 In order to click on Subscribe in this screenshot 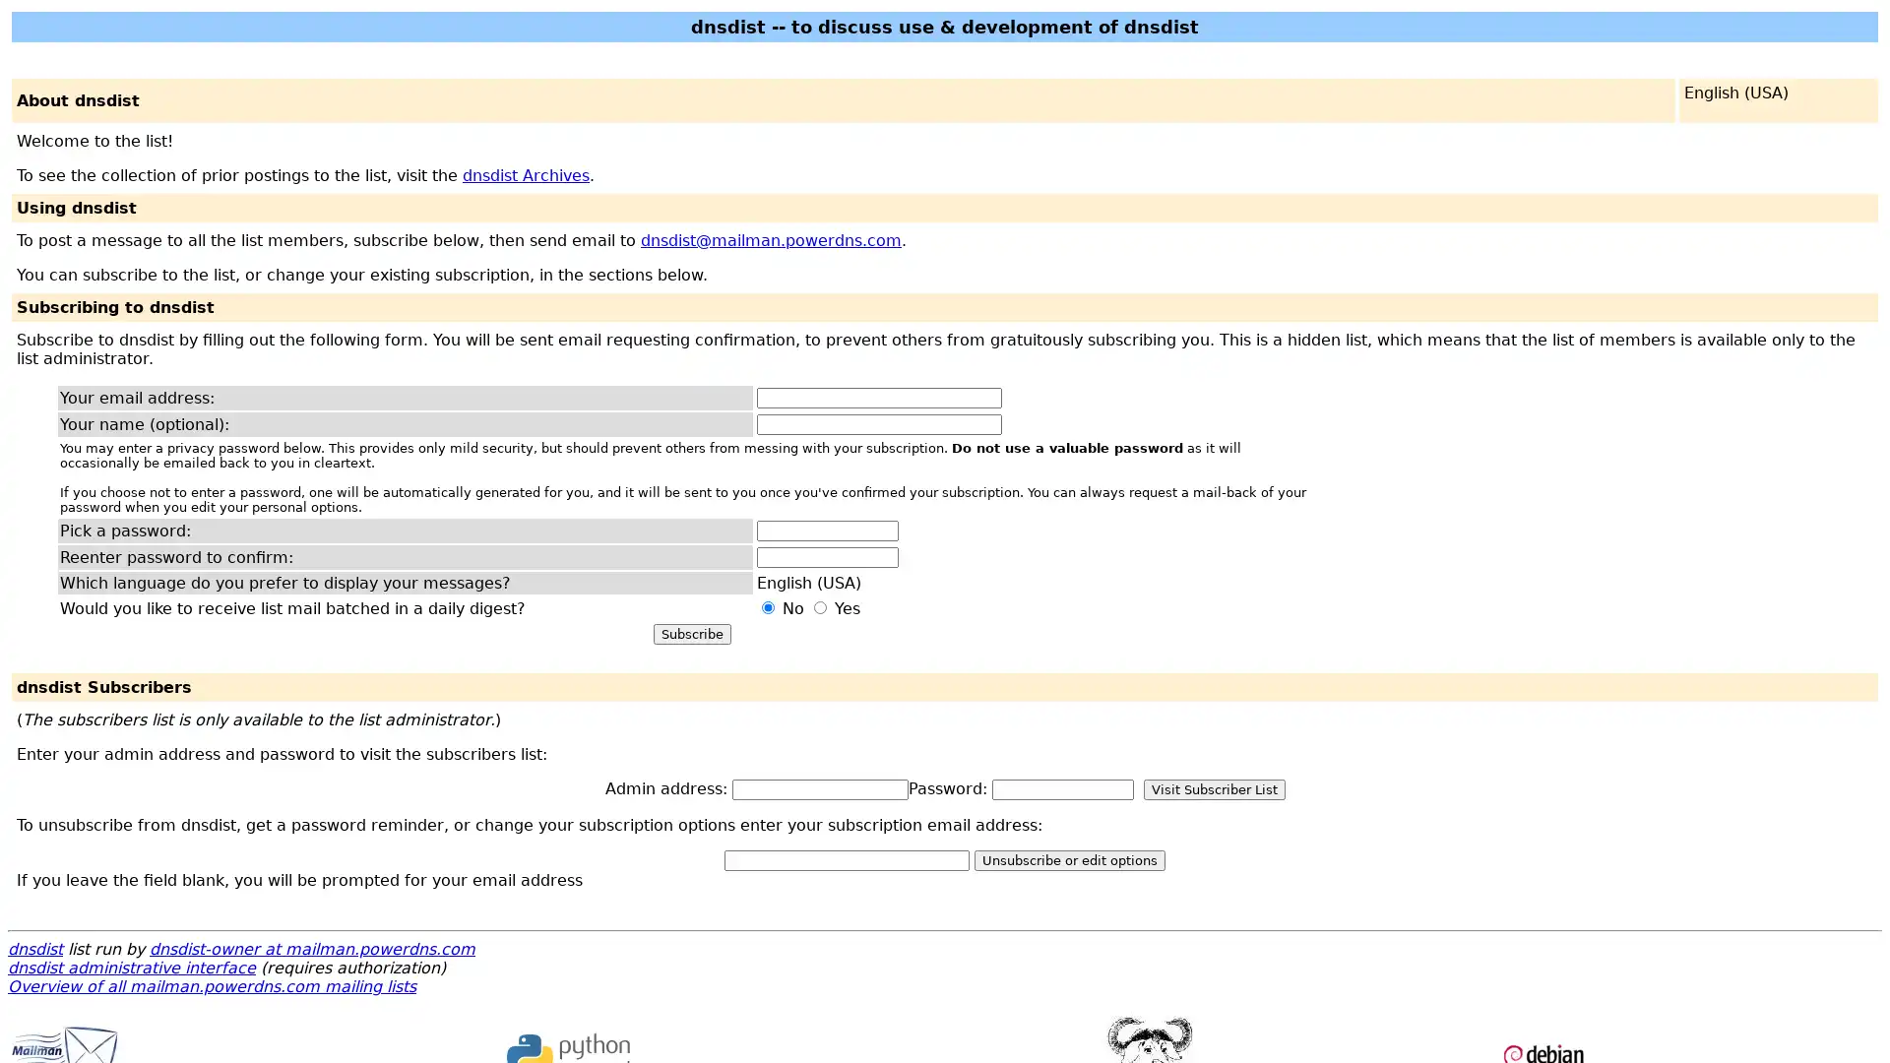, I will do `click(691, 634)`.